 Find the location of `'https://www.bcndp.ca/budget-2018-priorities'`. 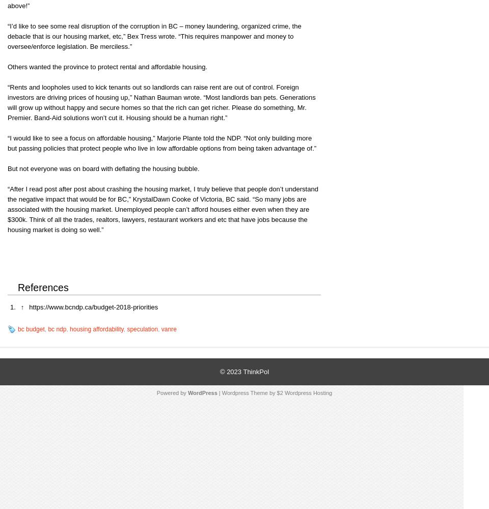

'https://www.bcndp.ca/budget-2018-priorities' is located at coordinates (29, 306).